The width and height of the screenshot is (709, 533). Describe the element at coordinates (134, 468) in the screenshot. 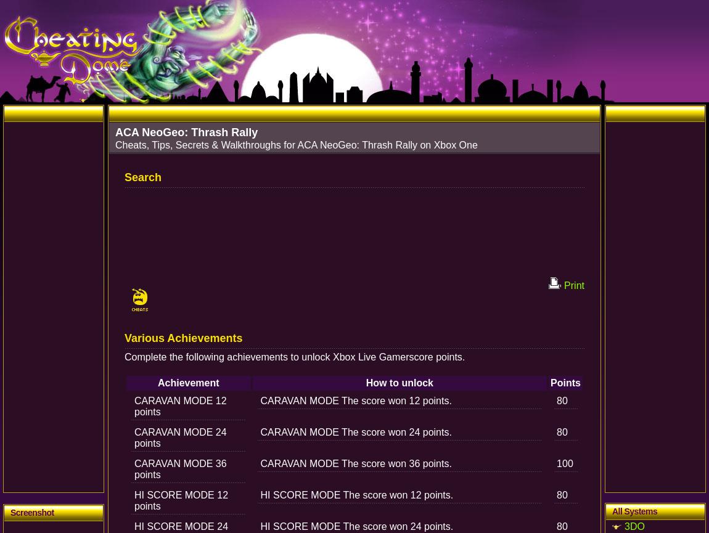

I see `'CARAVAN MODE 36 points'` at that location.